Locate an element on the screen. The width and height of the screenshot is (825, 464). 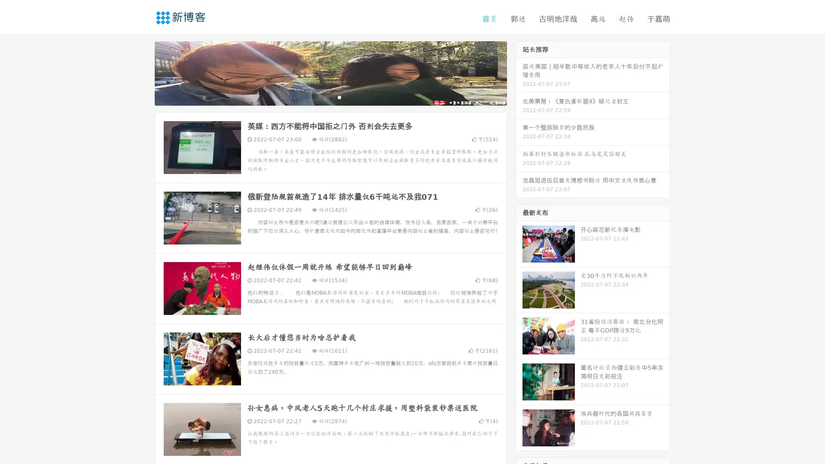
Go to slide 3 is located at coordinates (339, 97).